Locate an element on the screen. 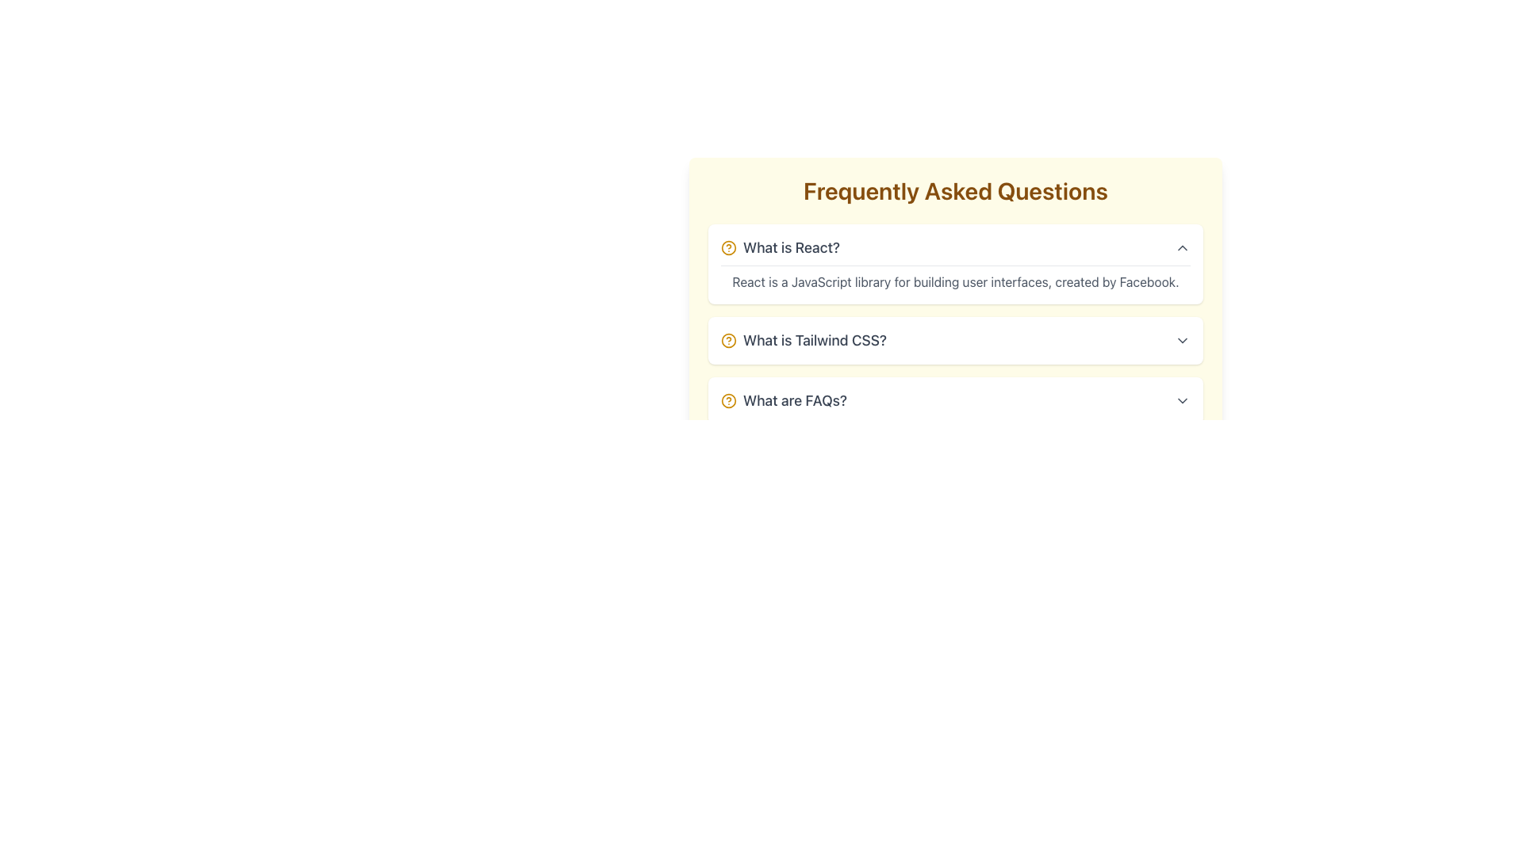 This screenshot has height=856, width=1523. the central circle element of the help indicator icon, which has a diameter defined by a radius of 10 units and is visually uniform is located at coordinates (727, 339).